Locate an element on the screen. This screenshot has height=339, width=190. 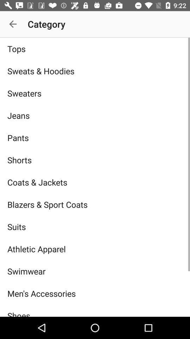
the icon below coats & jackets is located at coordinates (95, 204).